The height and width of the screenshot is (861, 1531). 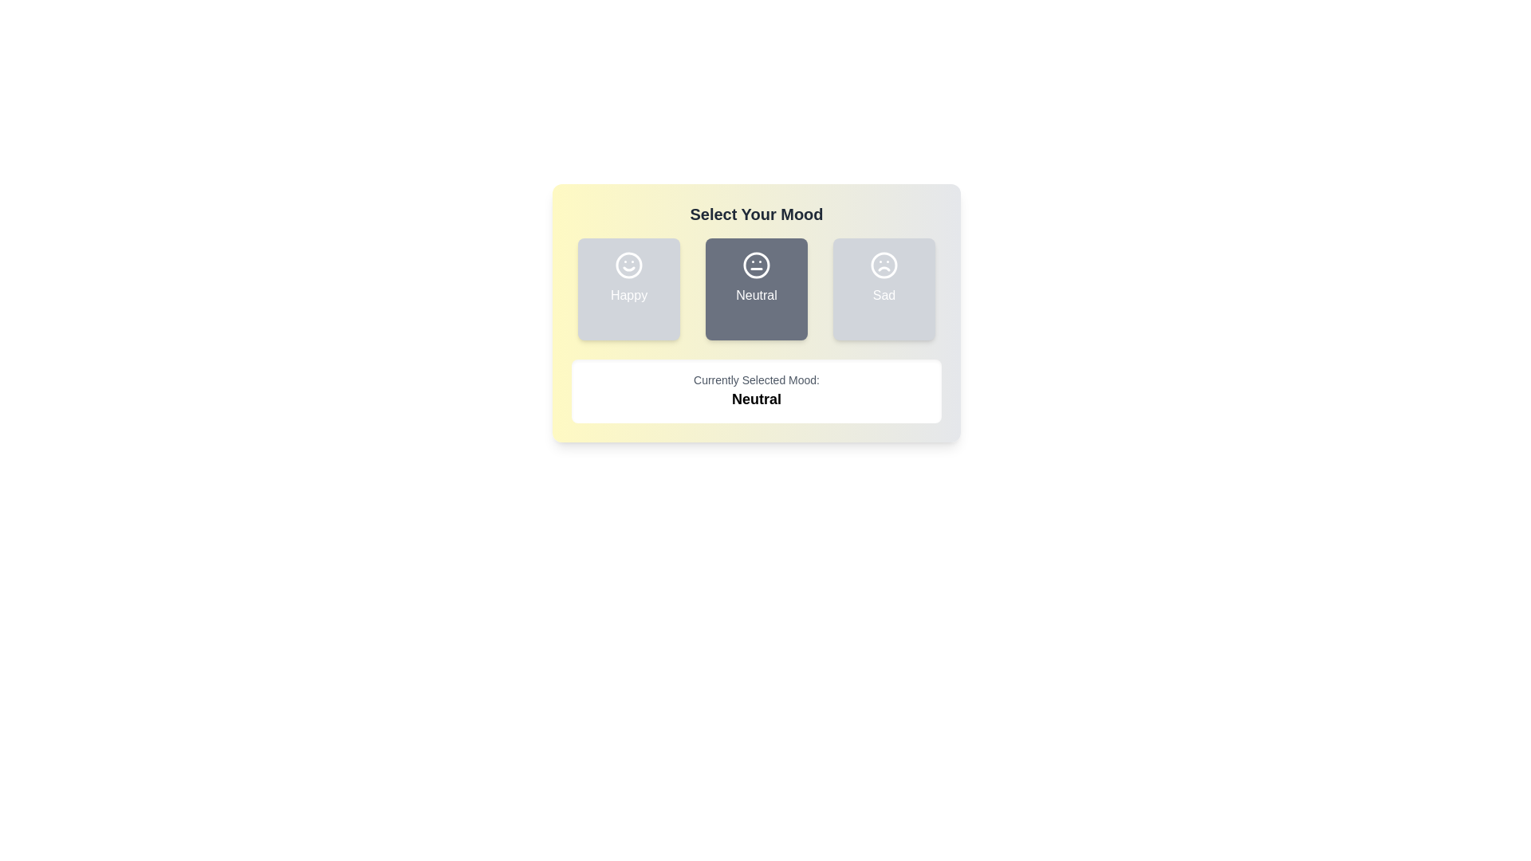 I want to click on the mood button corresponding to Happy to observe the visual change, so click(x=628, y=289).